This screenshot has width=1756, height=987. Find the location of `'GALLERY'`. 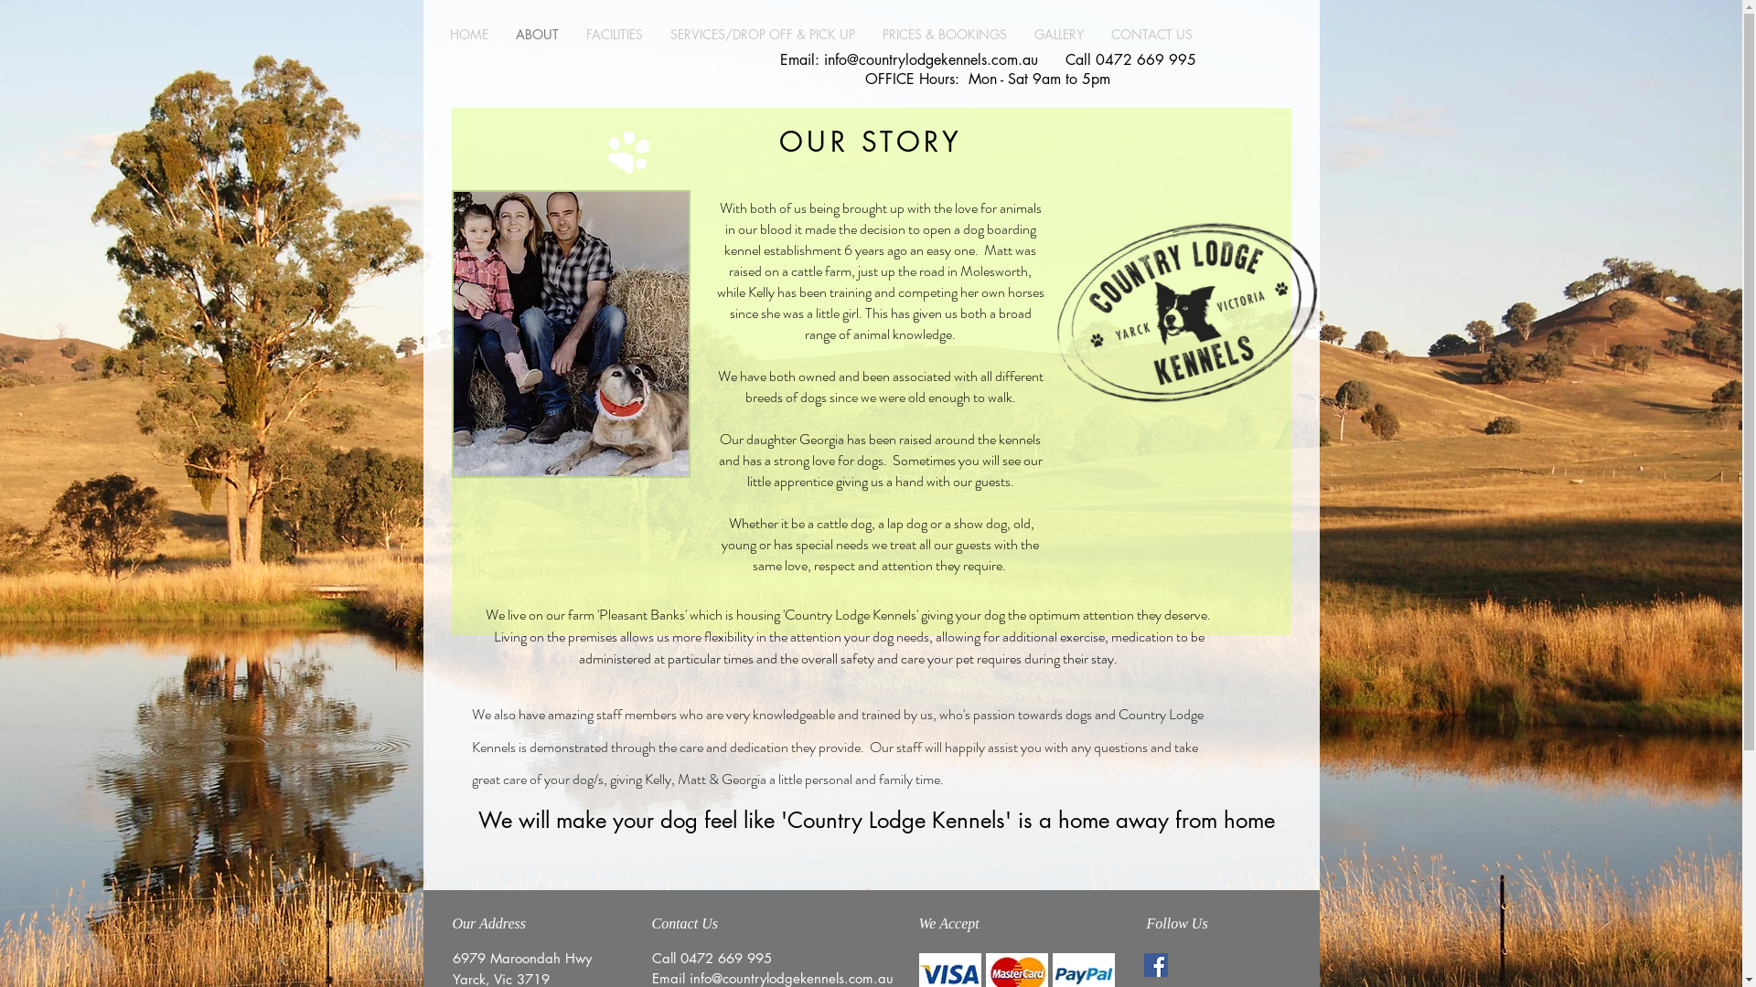

'GALLERY' is located at coordinates (1058, 35).